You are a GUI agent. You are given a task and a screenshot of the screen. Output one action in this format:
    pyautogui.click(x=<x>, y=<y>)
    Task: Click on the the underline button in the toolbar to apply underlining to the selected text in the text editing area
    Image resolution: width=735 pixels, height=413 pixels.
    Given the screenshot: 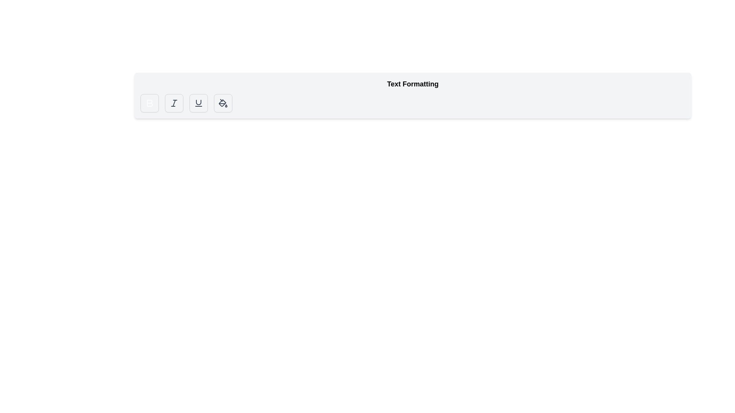 What is the action you would take?
    pyautogui.click(x=198, y=103)
    